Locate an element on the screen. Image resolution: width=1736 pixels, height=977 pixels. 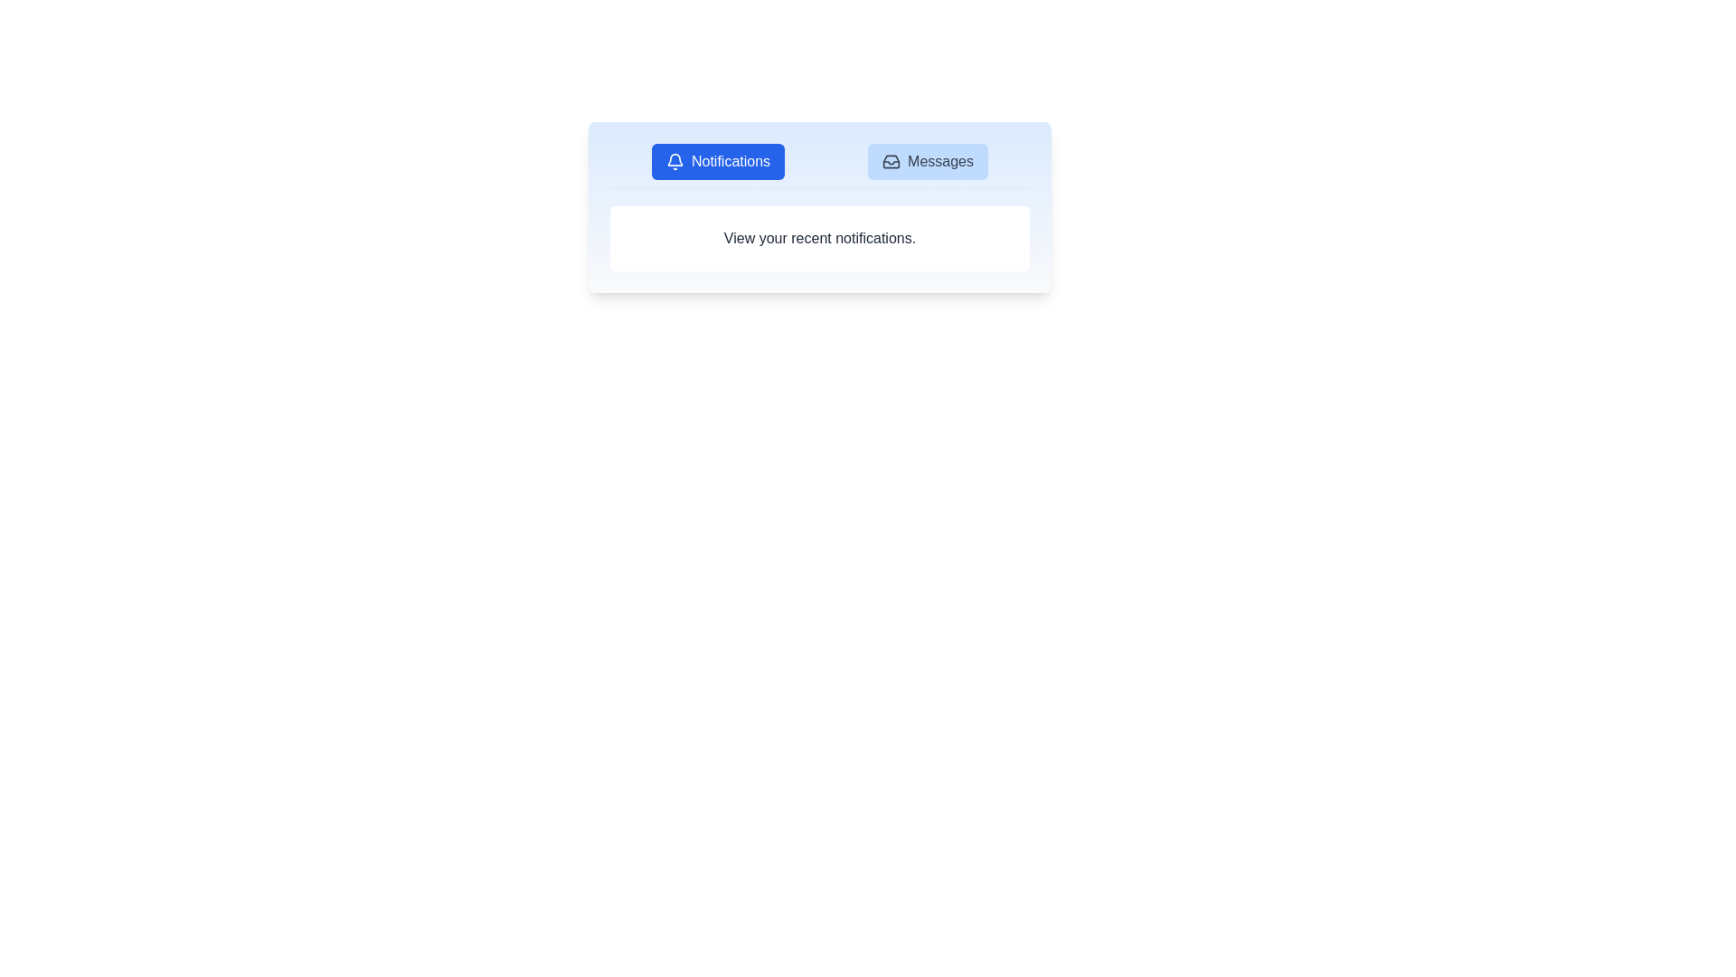
the Notifications tab by clicking on the corresponding button is located at coordinates (717, 160).